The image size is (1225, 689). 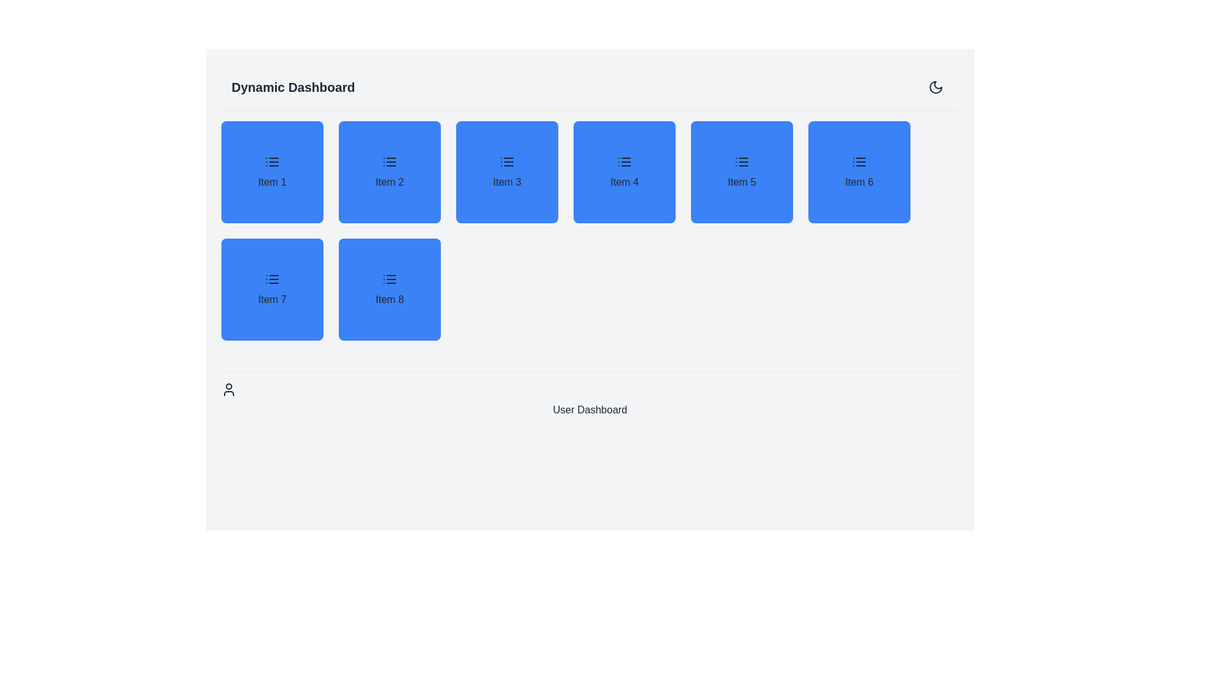 What do you see at coordinates (272, 290) in the screenshot?
I see `the blue square-shaped button labeled 'Item 7' with a list icon, located in the second row and first column of the grid under 'Dynamic Dashboard'` at bounding box center [272, 290].